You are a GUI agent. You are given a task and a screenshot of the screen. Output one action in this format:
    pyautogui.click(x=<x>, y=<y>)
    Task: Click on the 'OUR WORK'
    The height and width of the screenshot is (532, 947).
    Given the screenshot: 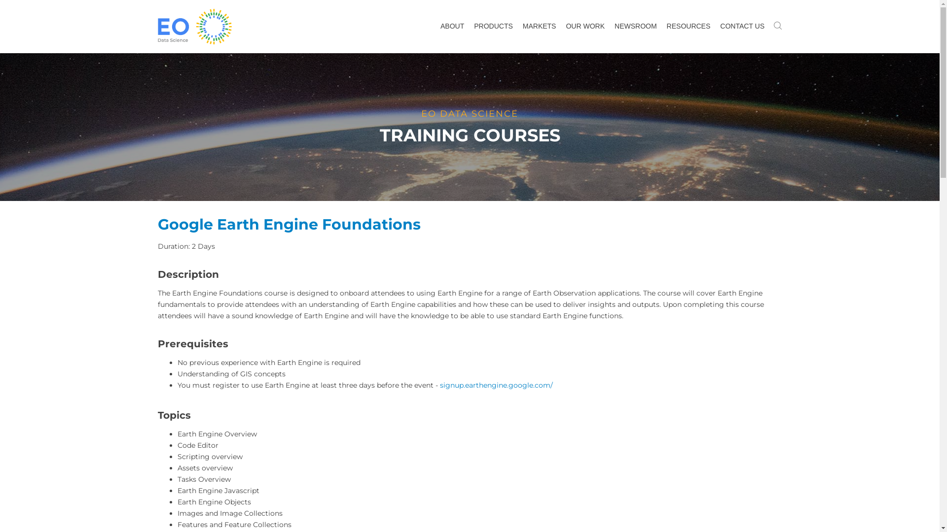 What is the action you would take?
    pyautogui.click(x=585, y=26)
    